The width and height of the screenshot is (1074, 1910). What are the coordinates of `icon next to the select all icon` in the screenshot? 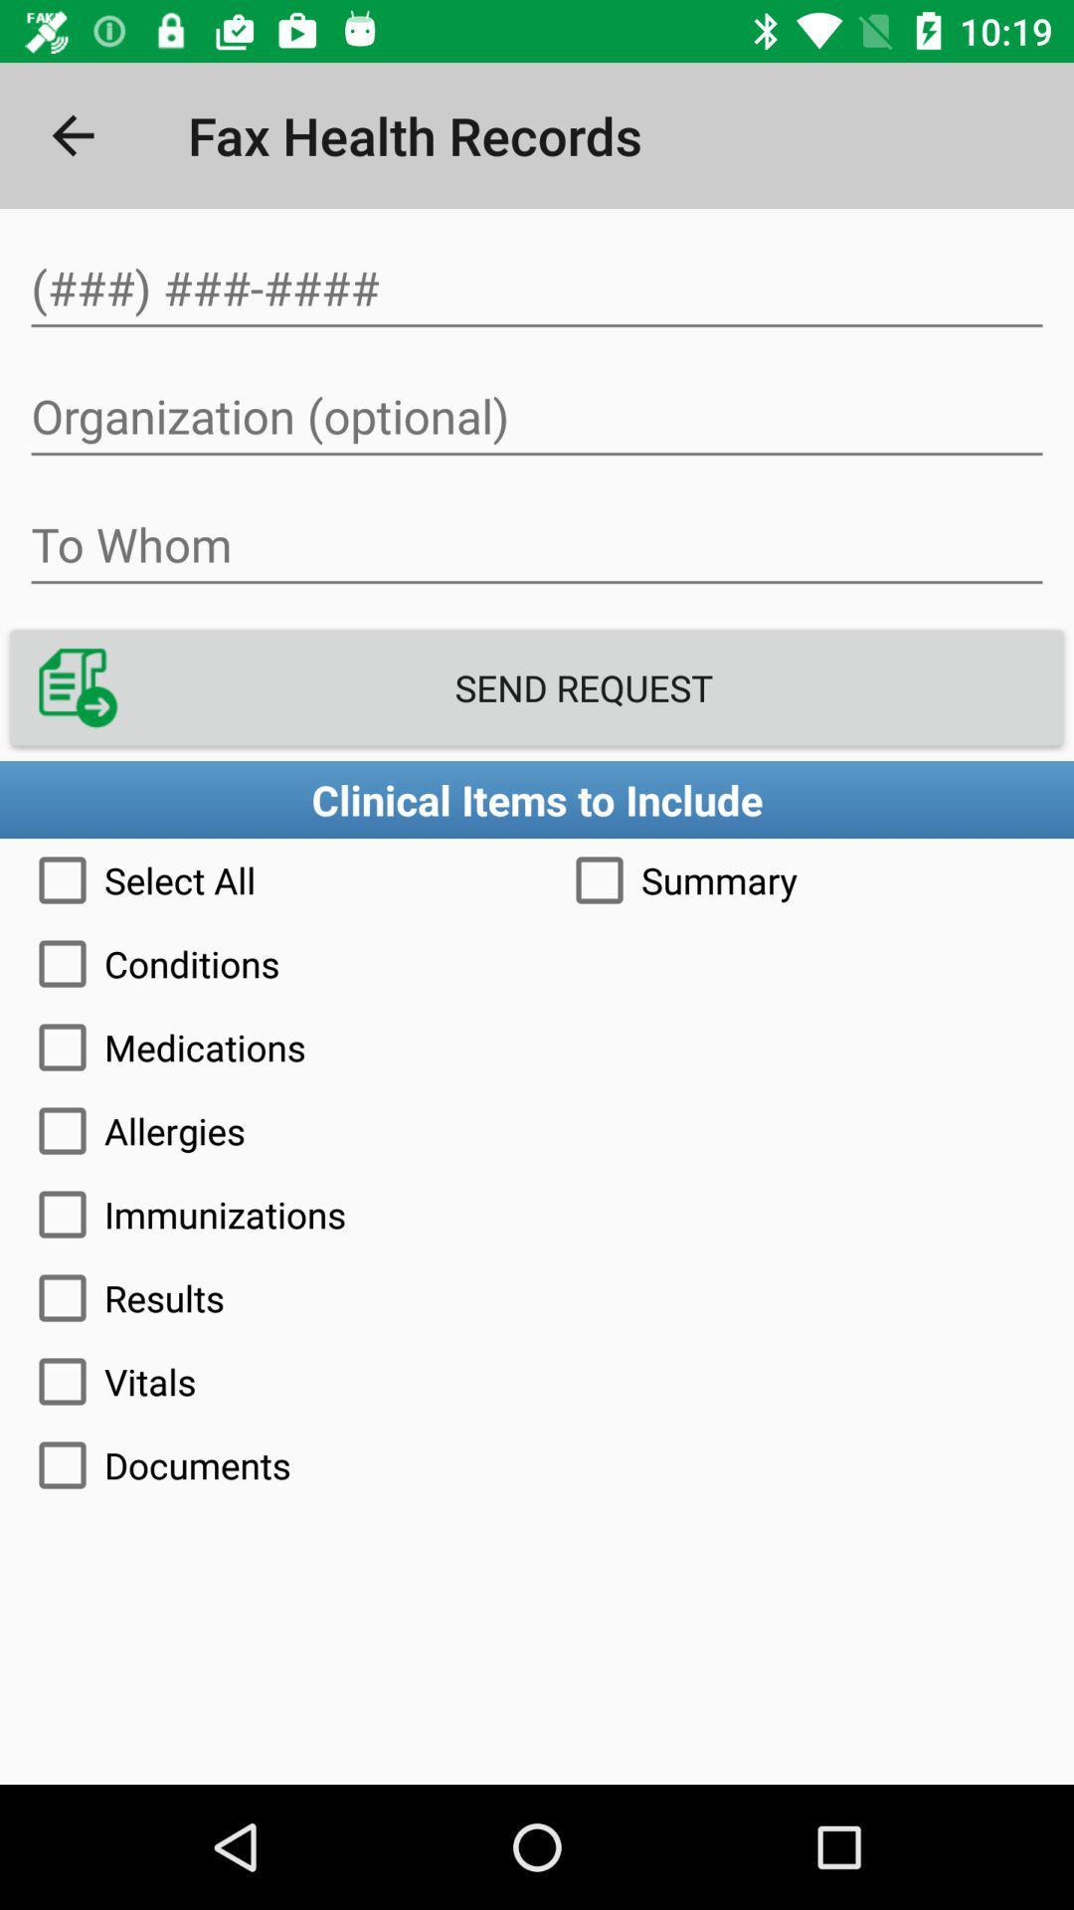 It's located at (805, 878).